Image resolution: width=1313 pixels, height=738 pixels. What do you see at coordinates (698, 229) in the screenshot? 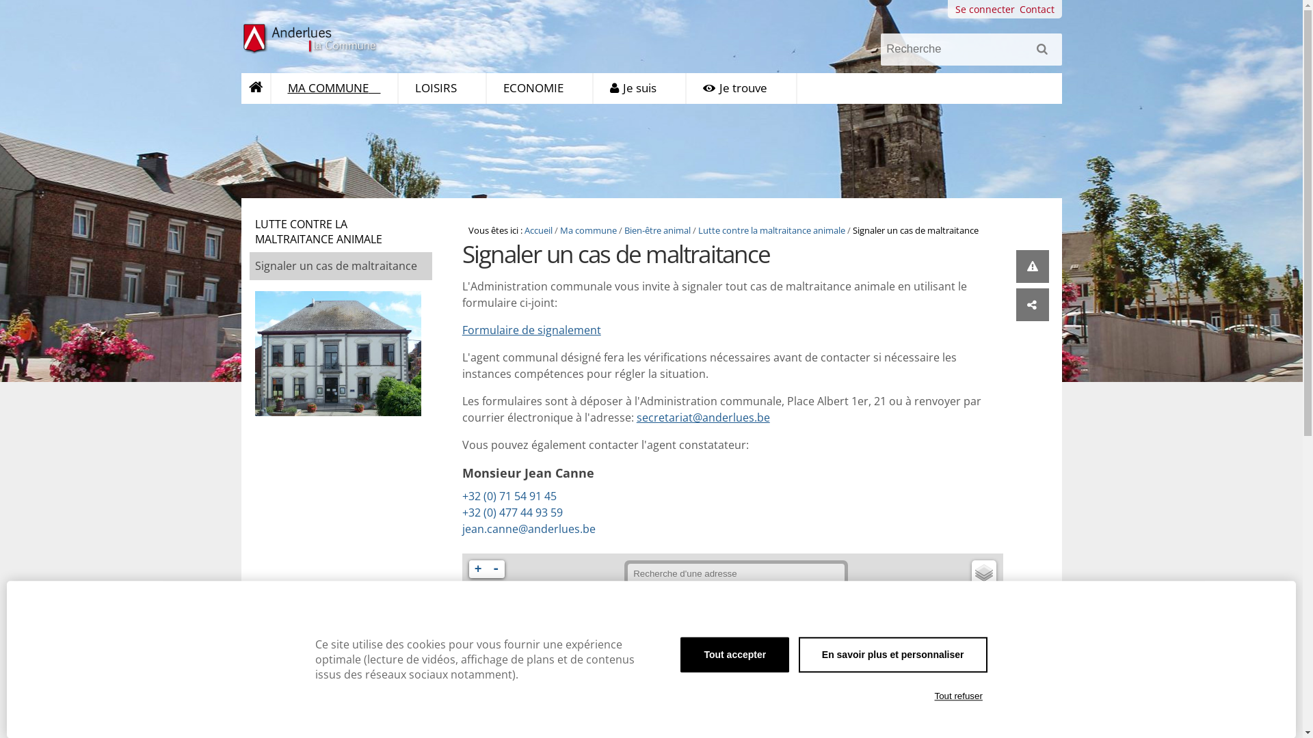
I see `'Lutte contre la maltraitance animale'` at bounding box center [698, 229].